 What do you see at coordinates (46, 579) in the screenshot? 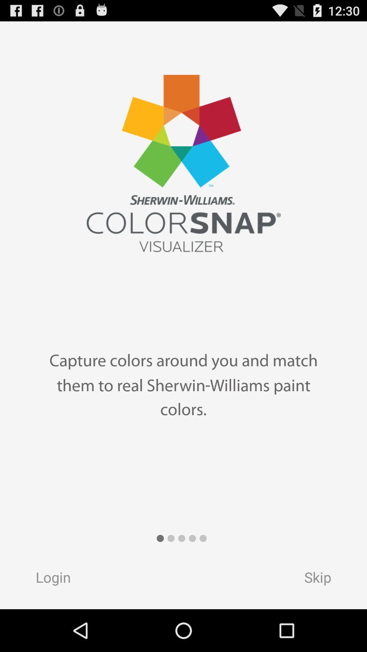
I see `item next to skip item` at bounding box center [46, 579].